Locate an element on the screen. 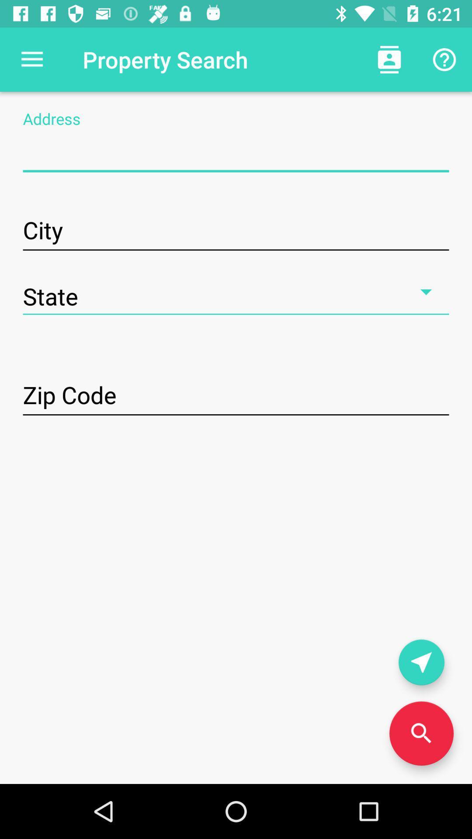 This screenshot has width=472, height=839. the icon at the top left corner is located at coordinates (31, 59).